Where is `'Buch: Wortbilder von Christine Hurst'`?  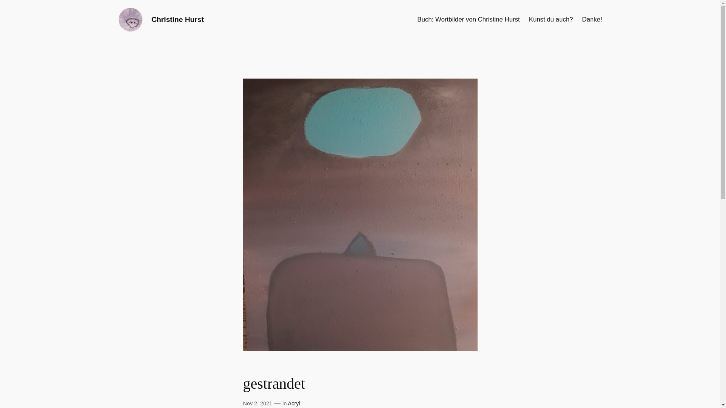 'Buch: Wortbilder von Christine Hurst' is located at coordinates (468, 19).